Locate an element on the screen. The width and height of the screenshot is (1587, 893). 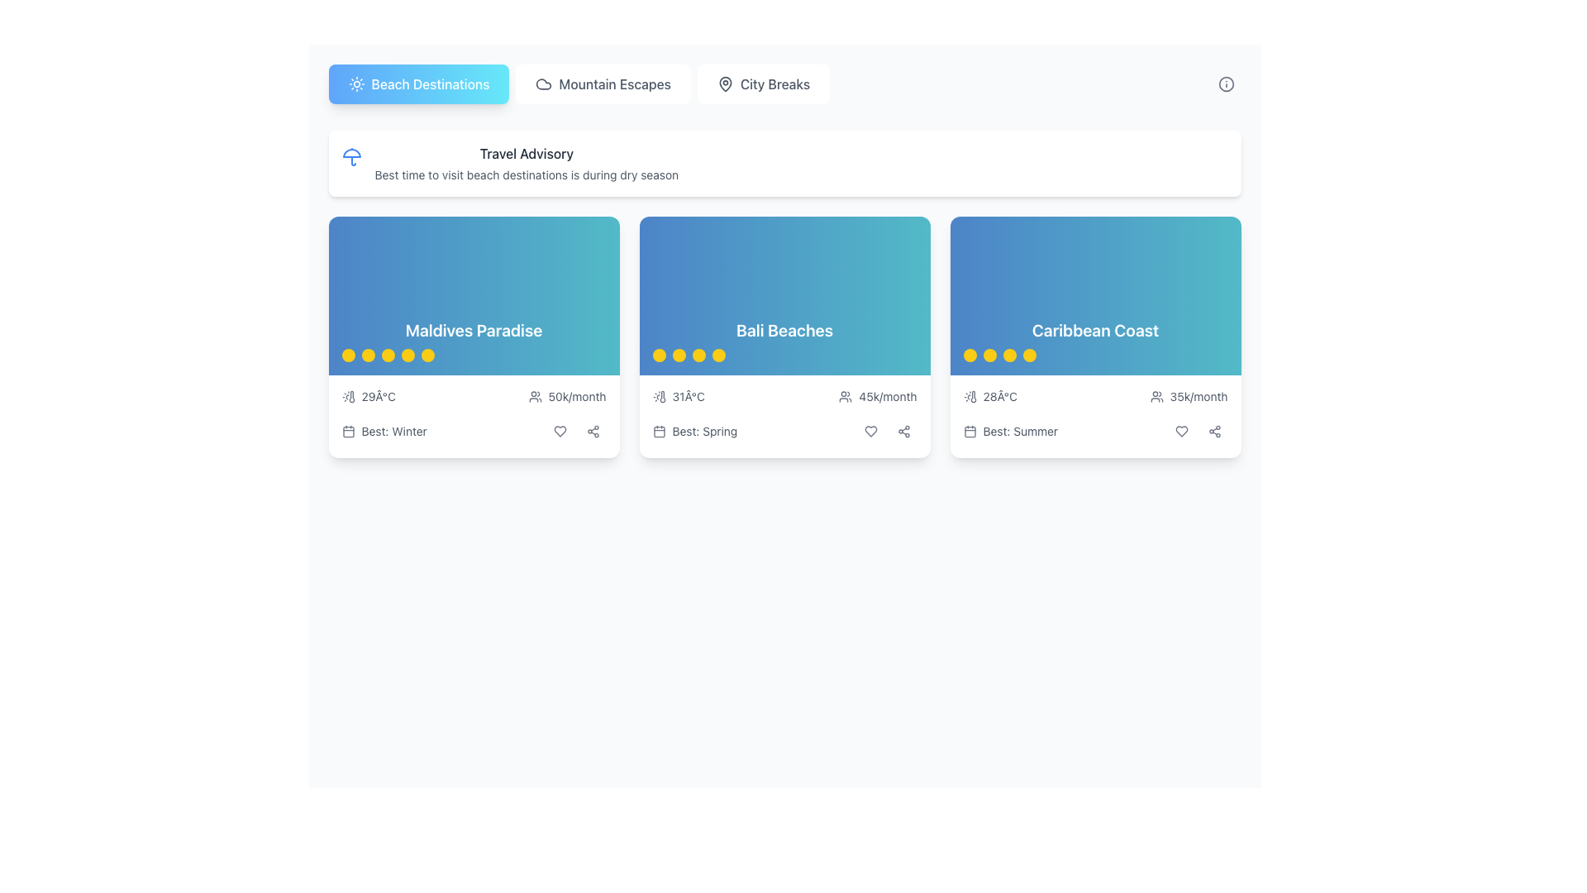
the second circular rating indicator located beneath the title 'Bali Beaches' in the second card from the left in the row of cards is located at coordinates (679, 354).